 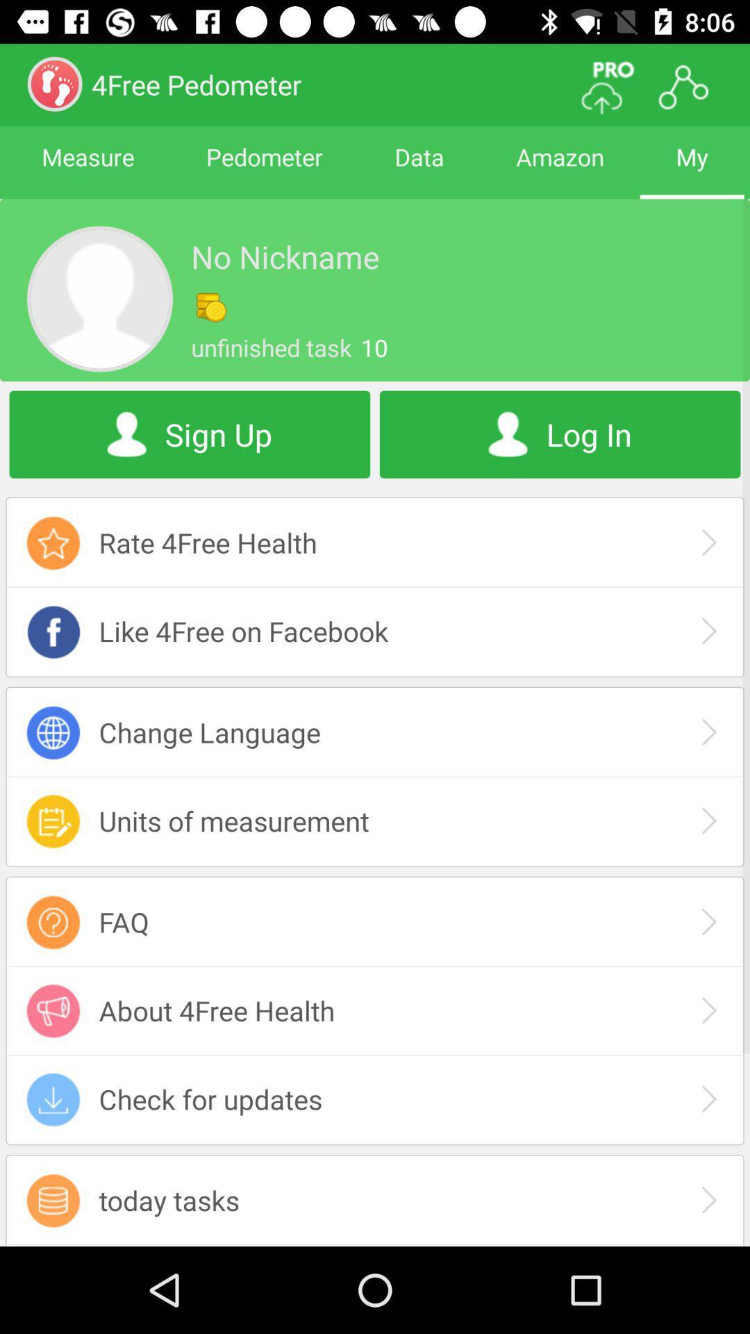 I want to click on icon next to the data item, so click(x=559, y=169).